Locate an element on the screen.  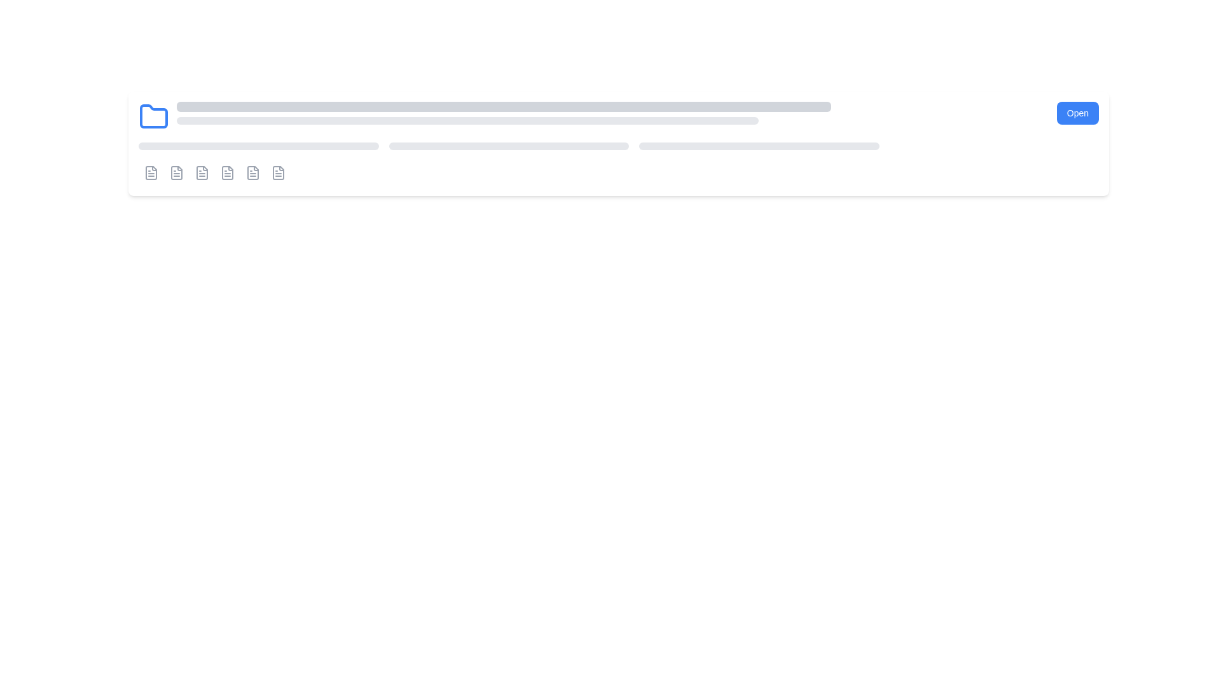
the third file icon is located at coordinates (176, 173).